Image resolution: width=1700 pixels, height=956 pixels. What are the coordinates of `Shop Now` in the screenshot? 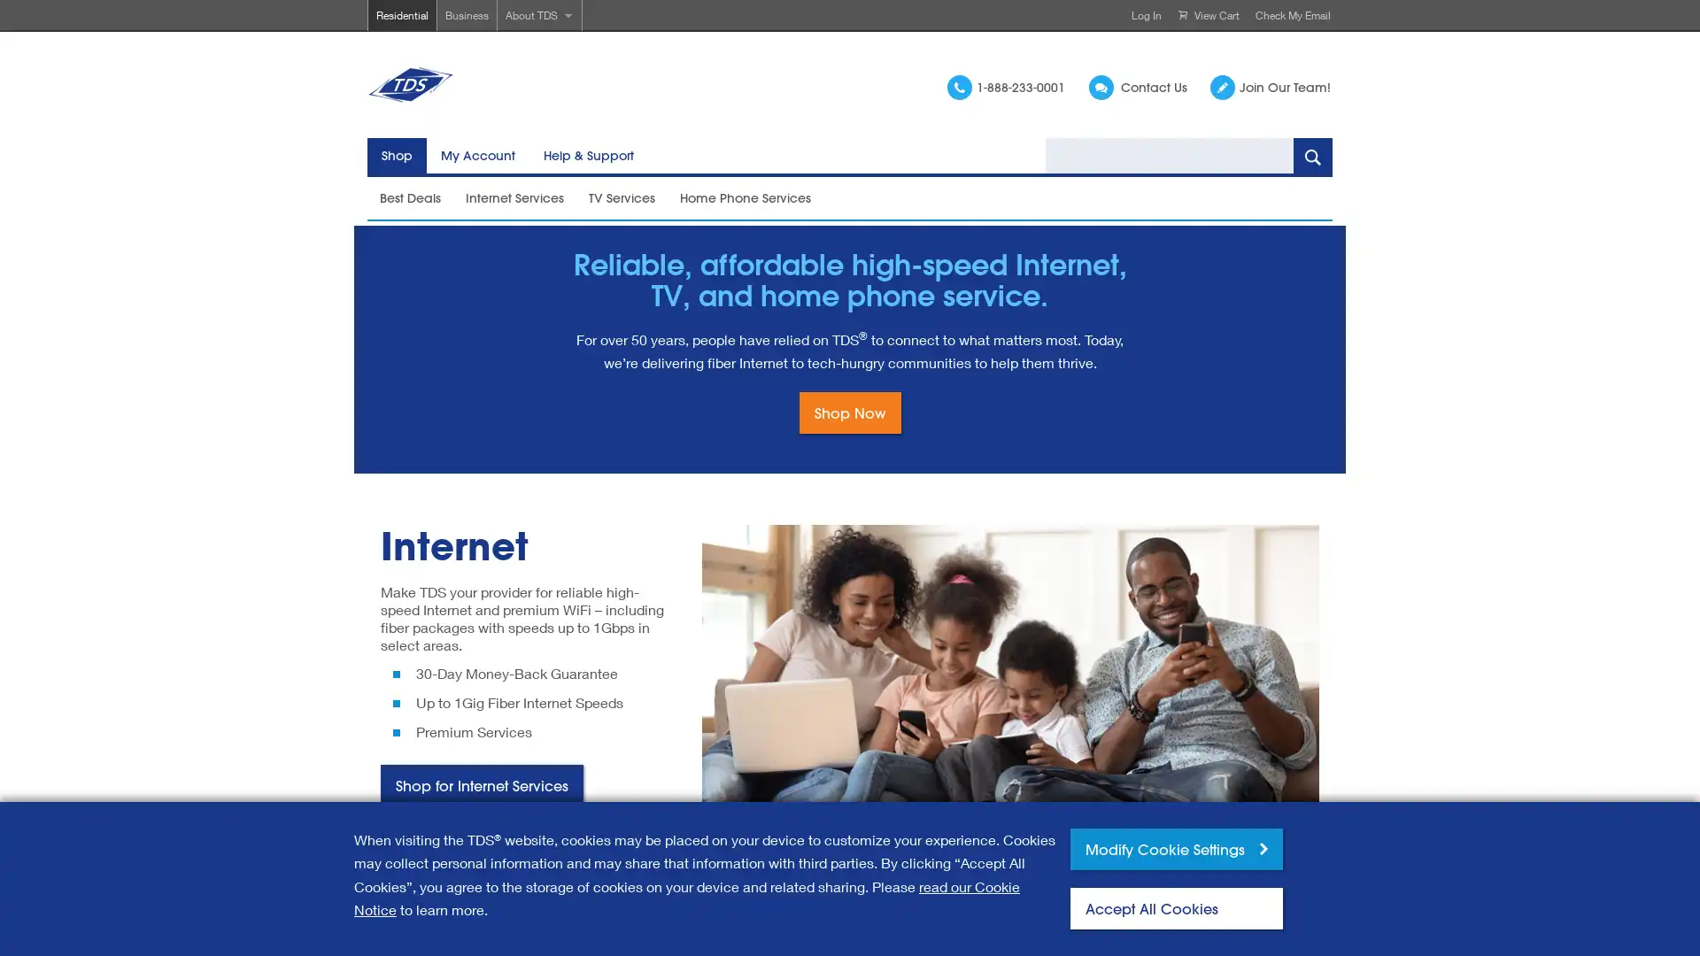 It's located at (848, 412).